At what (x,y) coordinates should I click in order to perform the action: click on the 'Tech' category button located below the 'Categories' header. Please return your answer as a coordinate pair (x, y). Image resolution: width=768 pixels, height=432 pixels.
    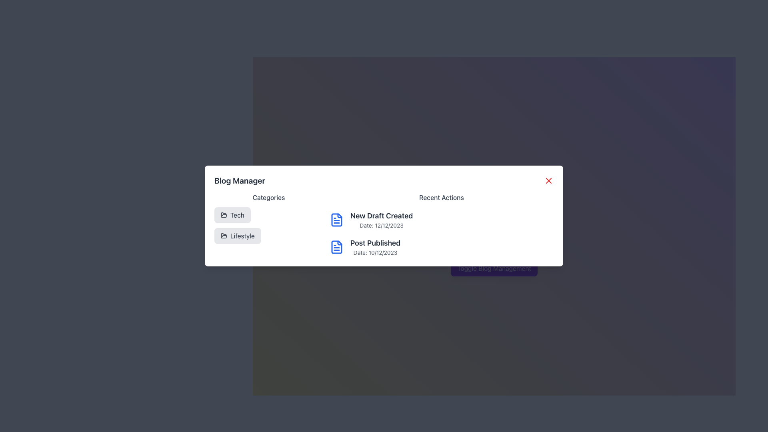
    Looking at the image, I should click on (232, 214).